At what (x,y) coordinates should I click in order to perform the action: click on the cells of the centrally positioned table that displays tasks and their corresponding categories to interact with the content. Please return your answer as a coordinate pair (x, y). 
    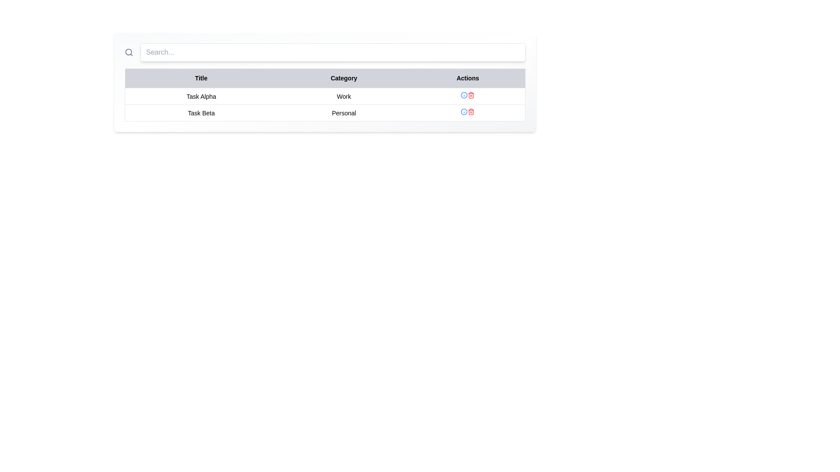
    Looking at the image, I should click on (325, 95).